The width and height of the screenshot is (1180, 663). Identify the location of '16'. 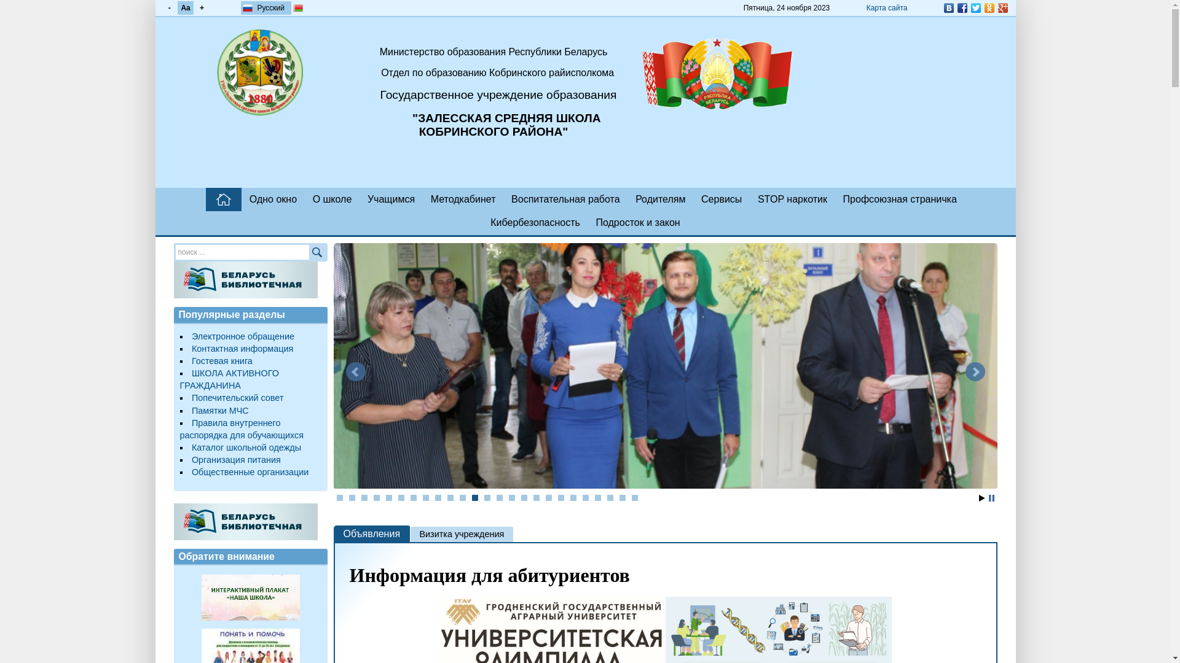
(524, 497).